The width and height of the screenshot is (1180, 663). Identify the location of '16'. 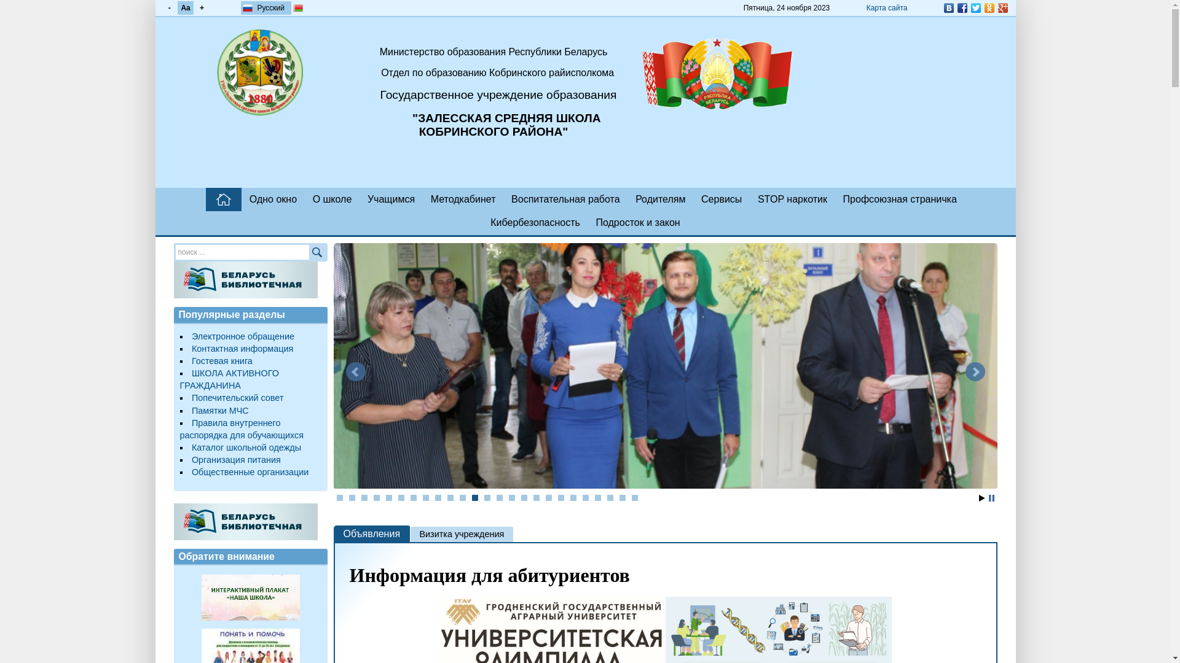
(524, 497).